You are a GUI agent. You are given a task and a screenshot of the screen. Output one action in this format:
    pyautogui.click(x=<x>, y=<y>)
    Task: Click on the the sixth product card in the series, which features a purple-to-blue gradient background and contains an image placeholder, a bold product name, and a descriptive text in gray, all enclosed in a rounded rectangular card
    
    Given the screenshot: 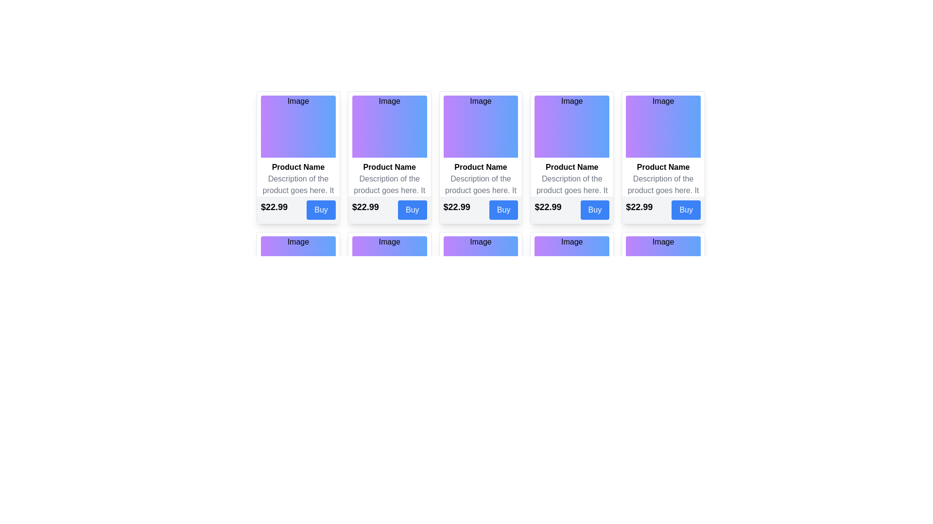 What is the action you would take?
    pyautogui.click(x=663, y=157)
    